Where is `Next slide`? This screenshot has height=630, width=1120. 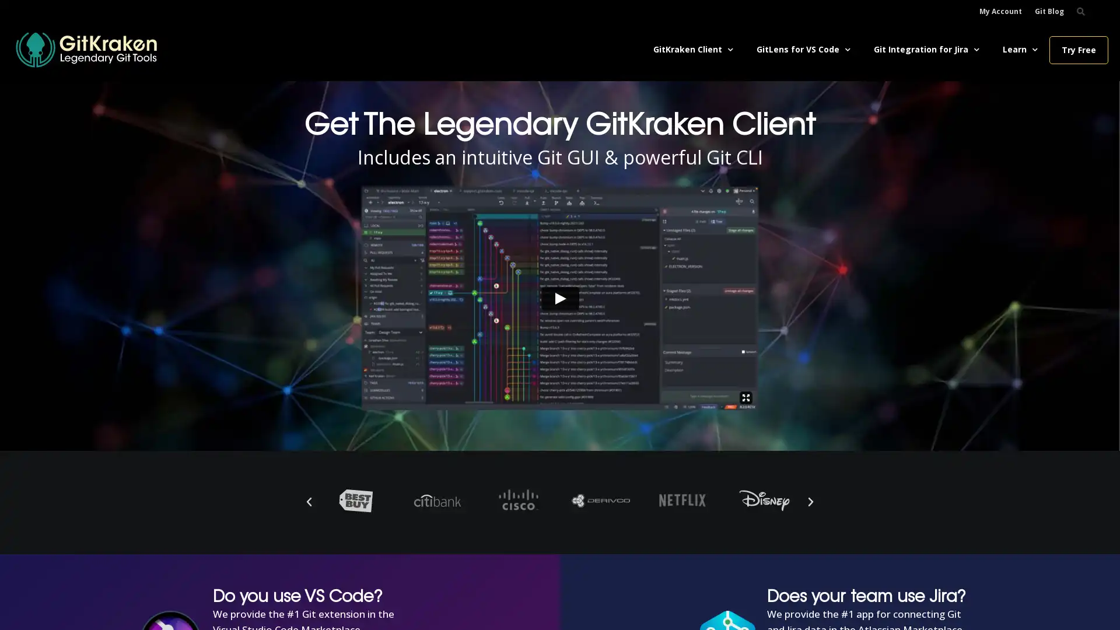
Next slide is located at coordinates (810, 501).